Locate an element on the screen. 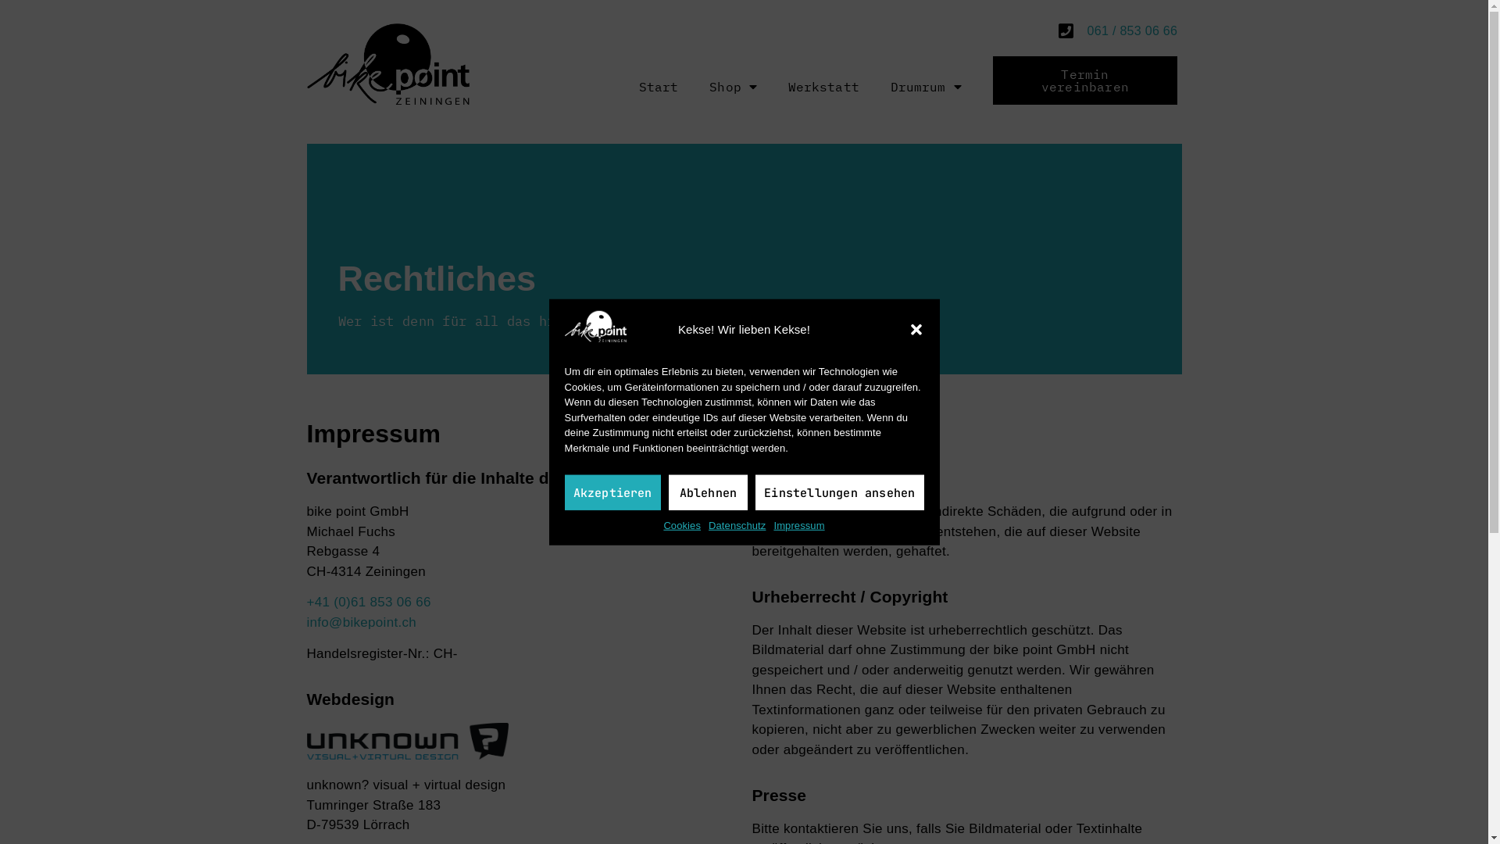 The height and width of the screenshot is (844, 1500). 'info@bikepoint.ch' is located at coordinates (360, 621).